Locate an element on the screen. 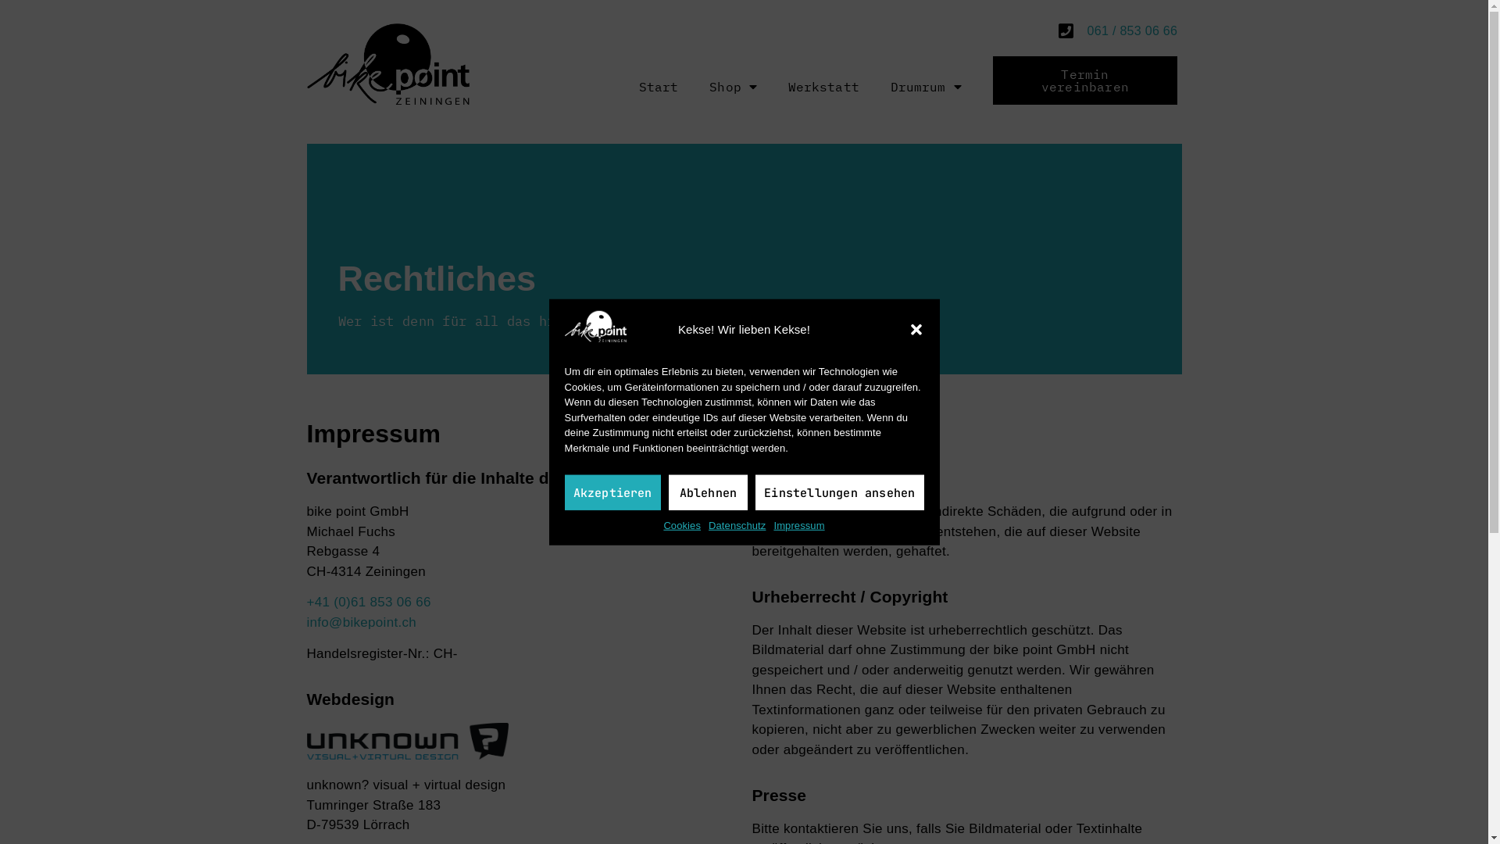 The height and width of the screenshot is (844, 1500). 'info@bikepoint.ch' is located at coordinates (360, 621).